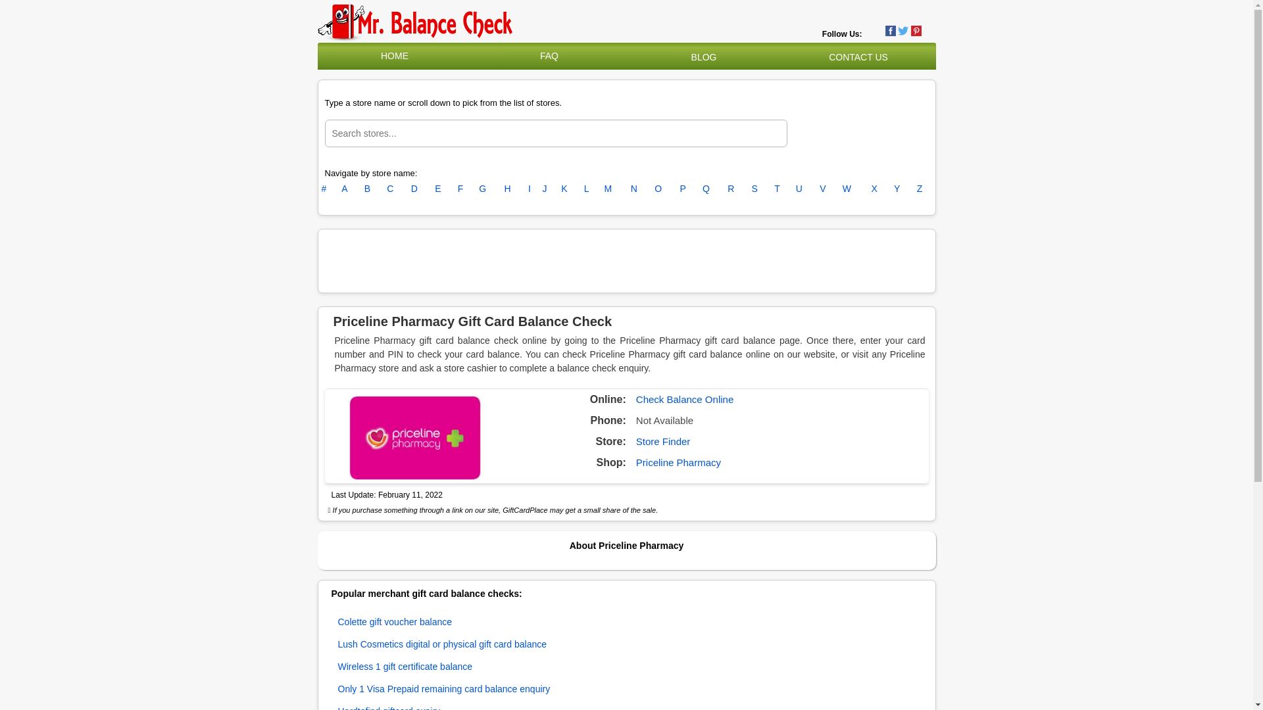 The width and height of the screenshot is (1263, 710). I want to click on 'Twitter', so click(902, 30).